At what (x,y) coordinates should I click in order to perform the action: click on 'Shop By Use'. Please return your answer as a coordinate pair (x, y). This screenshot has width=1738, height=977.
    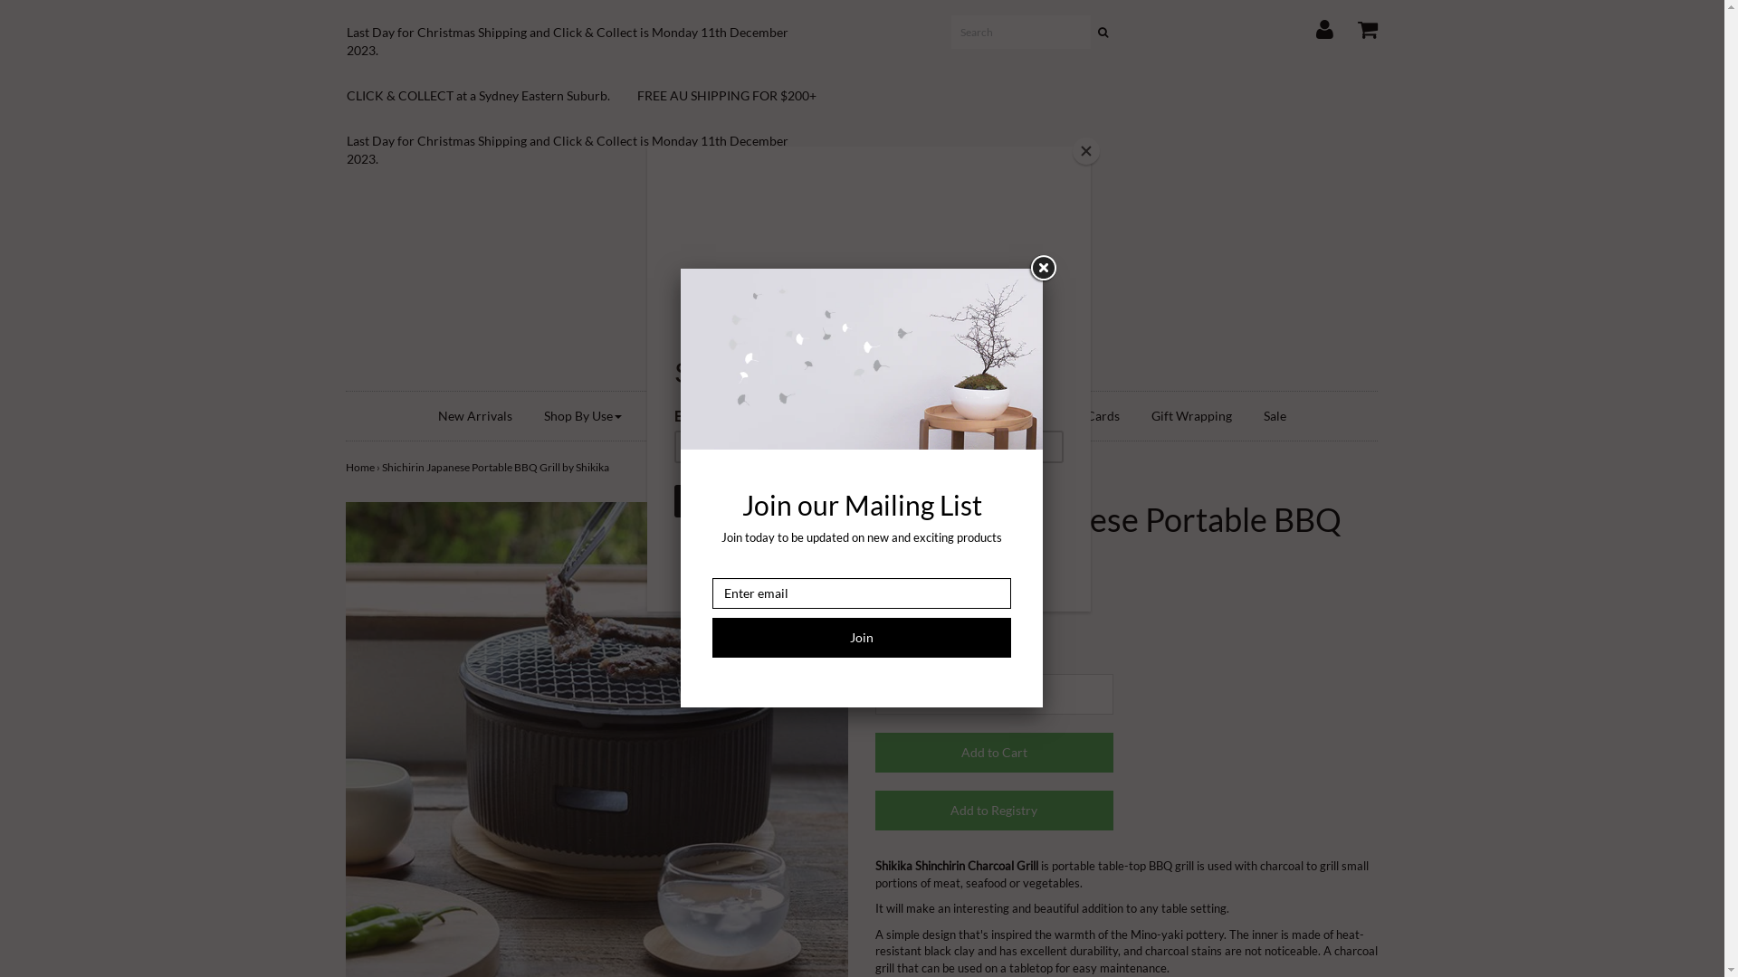
    Looking at the image, I should click on (529, 415).